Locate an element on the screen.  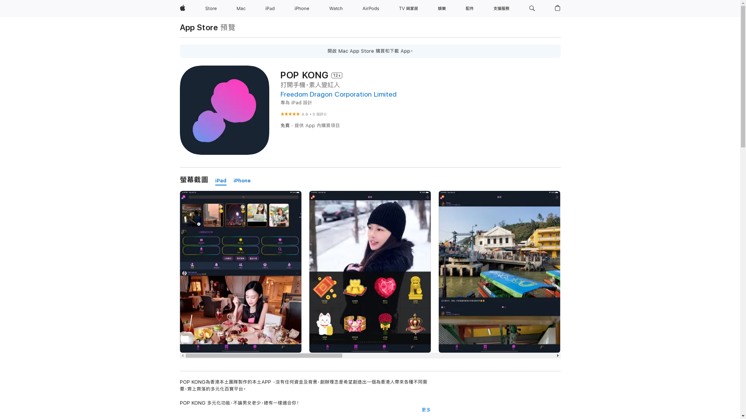
'iPhone' is located at coordinates (302, 9).